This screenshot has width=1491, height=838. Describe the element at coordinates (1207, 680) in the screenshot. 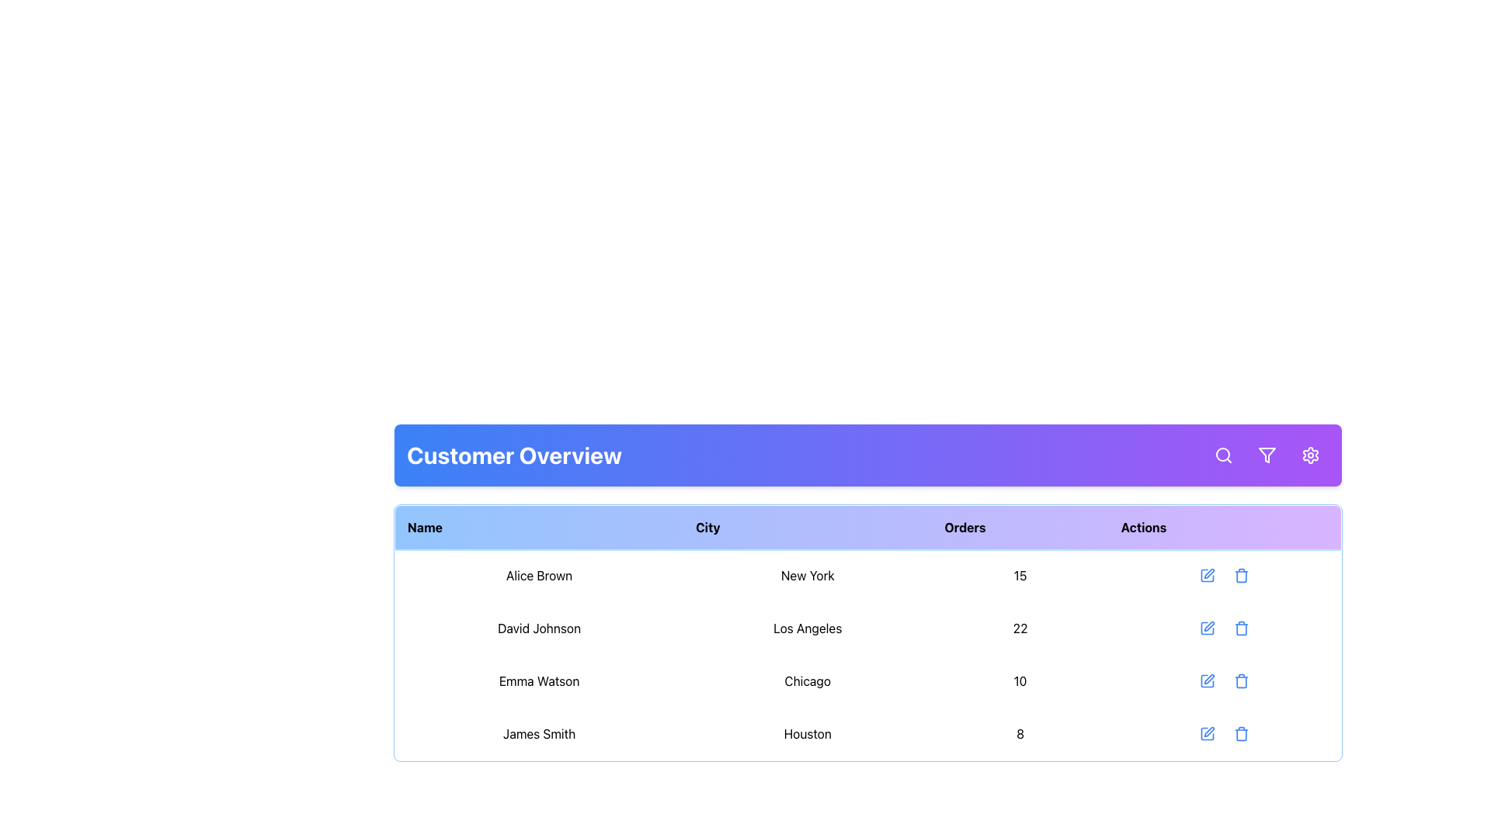

I see `the circular blue pencil icon button in the 'Actions' column for the entry 'Emma Watson' to initiate the edit functionality` at that location.